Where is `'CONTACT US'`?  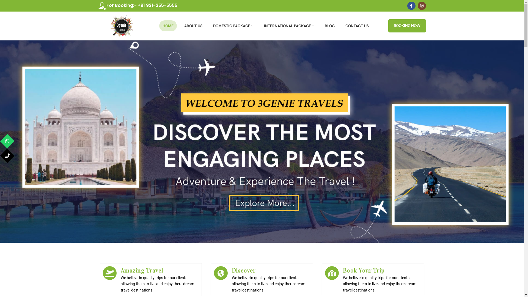
'CONTACT US' is located at coordinates (357, 26).